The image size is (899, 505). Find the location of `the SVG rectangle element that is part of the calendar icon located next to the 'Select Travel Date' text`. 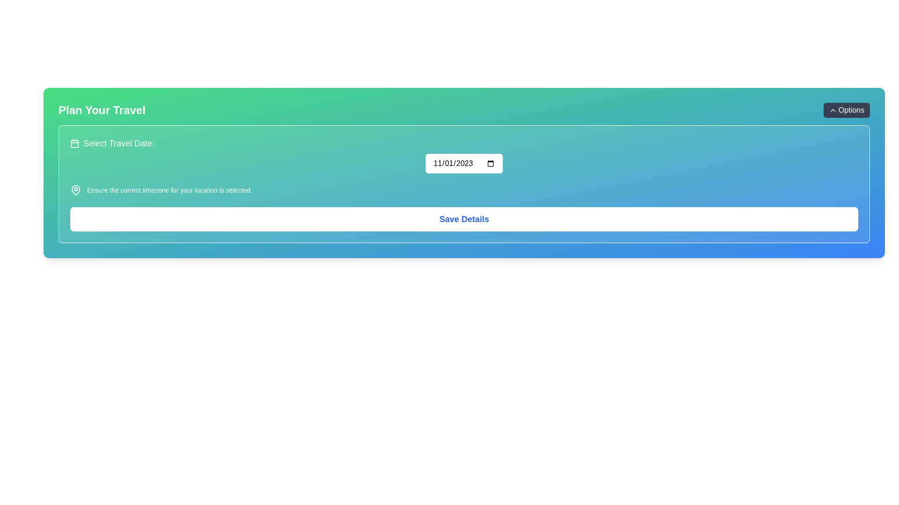

the SVG rectangle element that is part of the calendar icon located next to the 'Select Travel Date' text is located at coordinates (74, 144).